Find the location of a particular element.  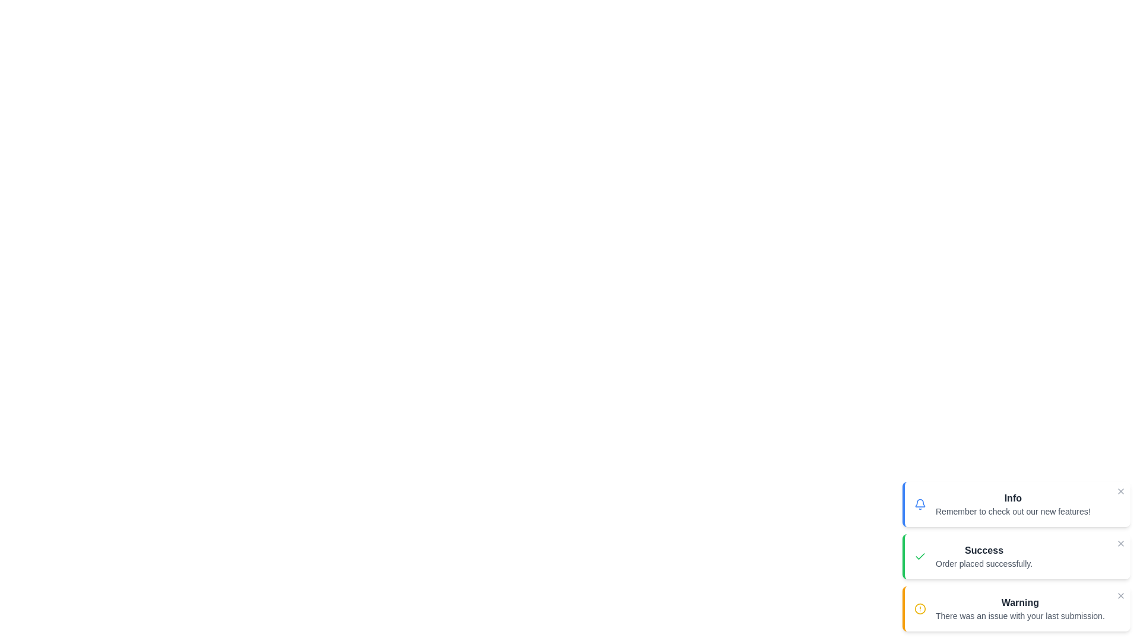

the notification with type info is located at coordinates (1016, 504).